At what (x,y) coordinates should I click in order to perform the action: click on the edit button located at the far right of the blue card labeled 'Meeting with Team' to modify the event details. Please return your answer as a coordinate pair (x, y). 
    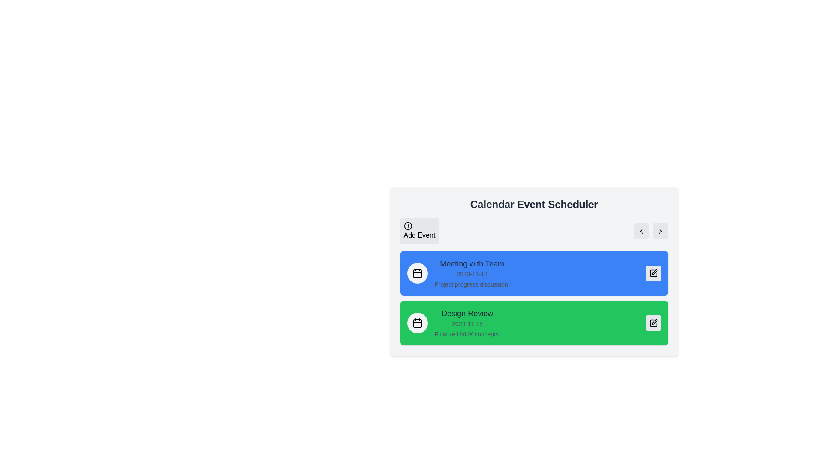
    Looking at the image, I should click on (653, 273).